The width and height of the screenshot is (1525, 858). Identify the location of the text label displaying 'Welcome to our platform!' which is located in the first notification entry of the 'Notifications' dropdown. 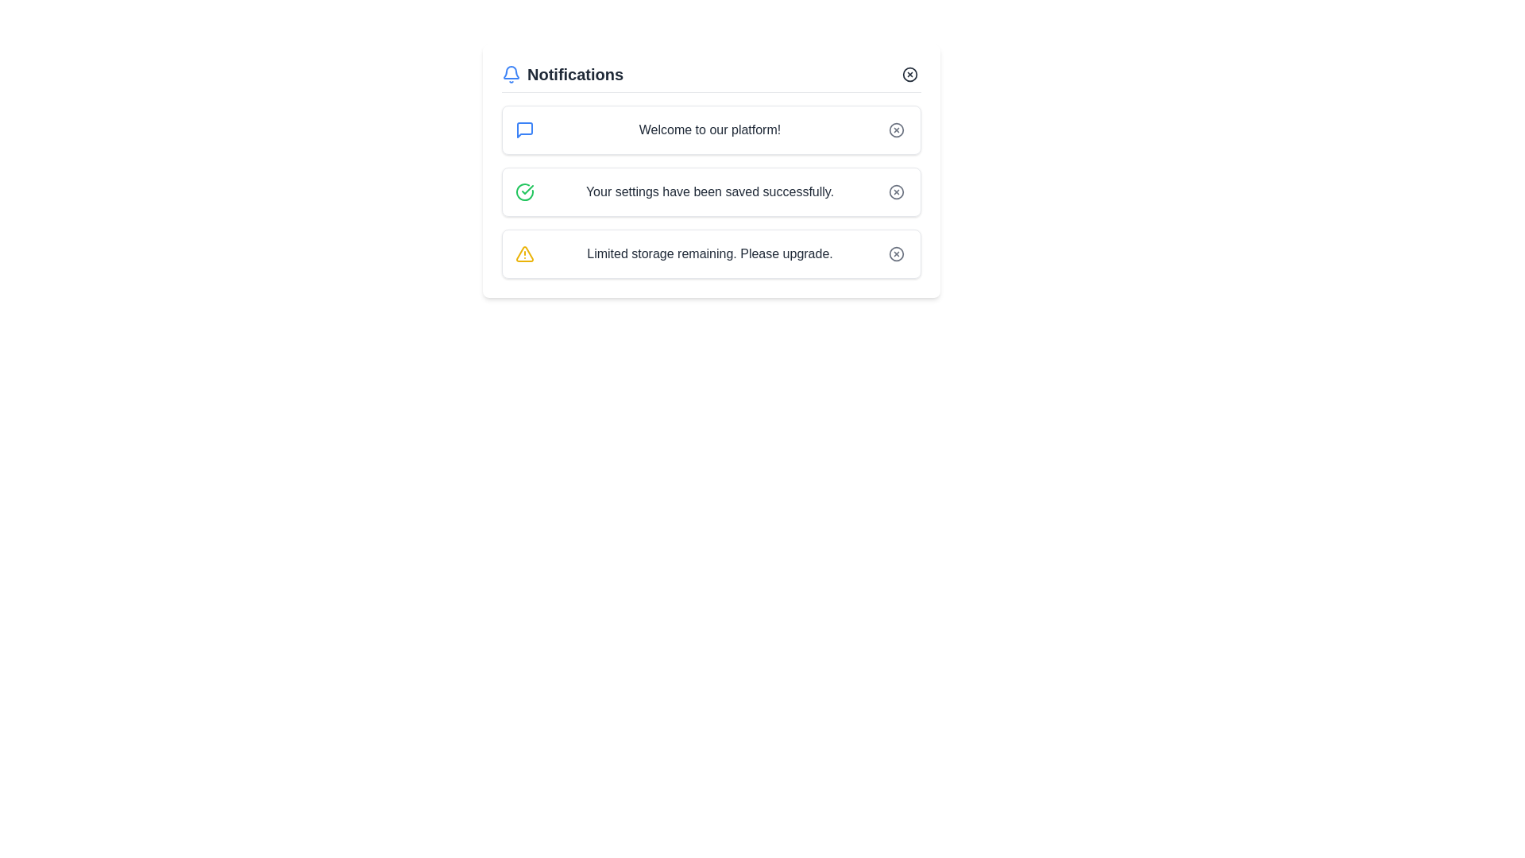
(708, 129).